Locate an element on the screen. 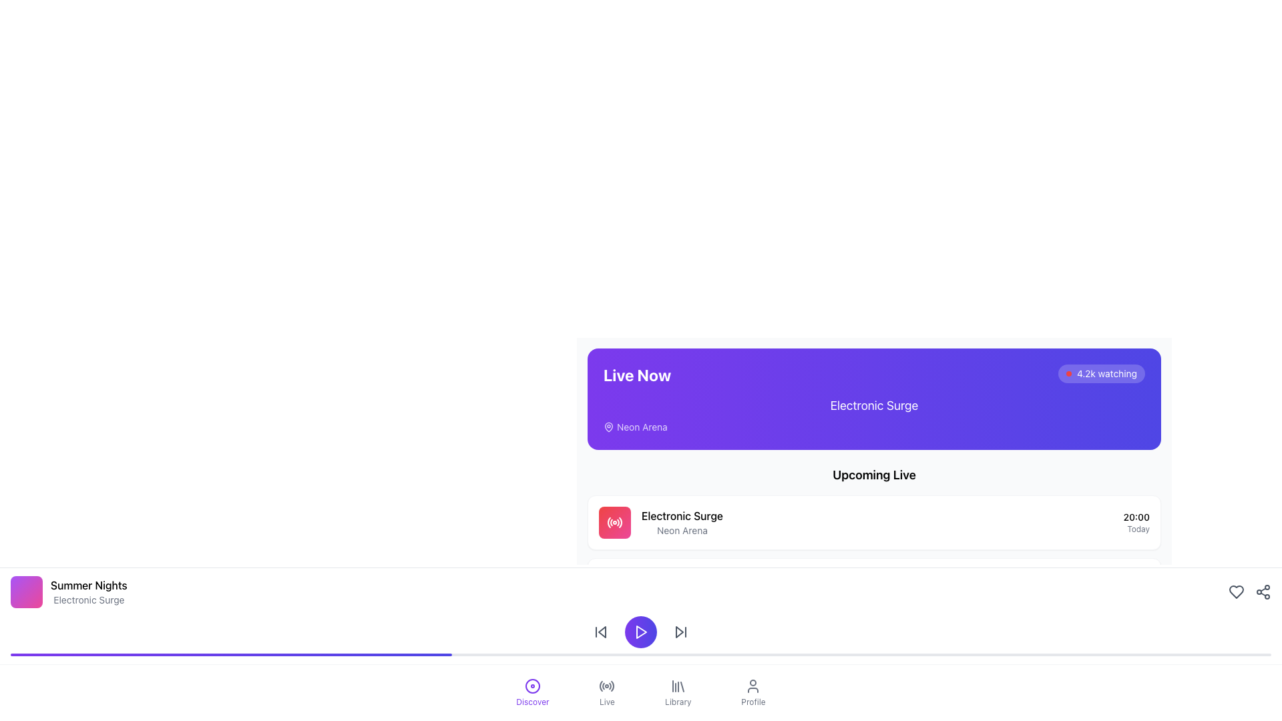 This screenshot has height=721, width=1282. the navigation button for the 'Profile' section located in the bottom navigation bar, specifically the fourth item from the left is located at coordinates (753, 692).